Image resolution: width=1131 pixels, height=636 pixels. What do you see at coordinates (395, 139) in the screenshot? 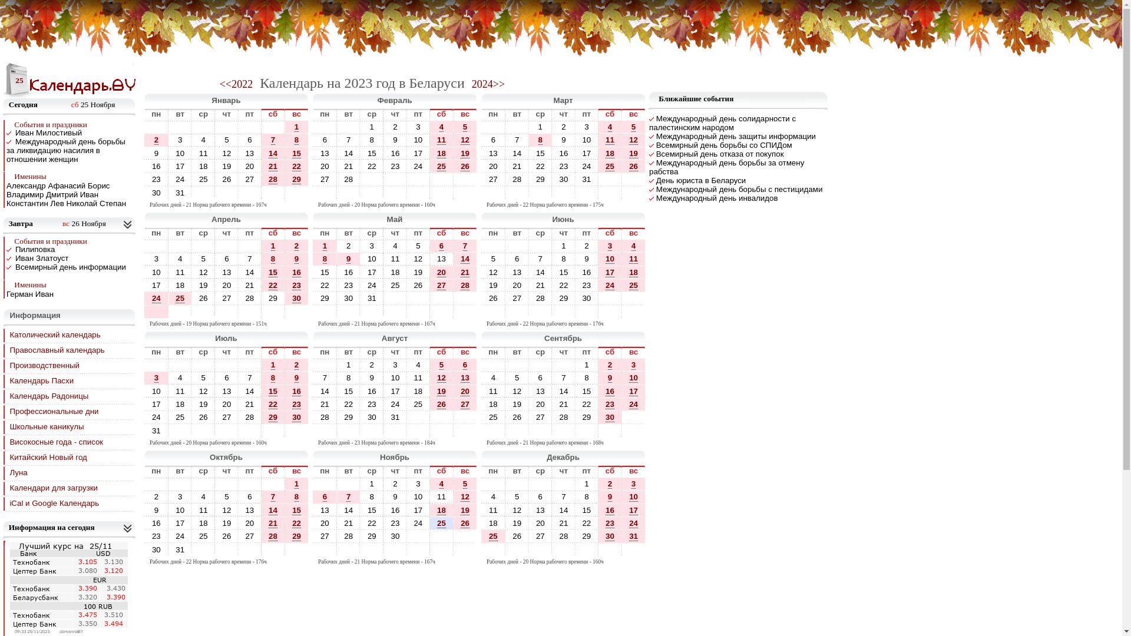
I see `'9'` at bounding box center [395, 139].